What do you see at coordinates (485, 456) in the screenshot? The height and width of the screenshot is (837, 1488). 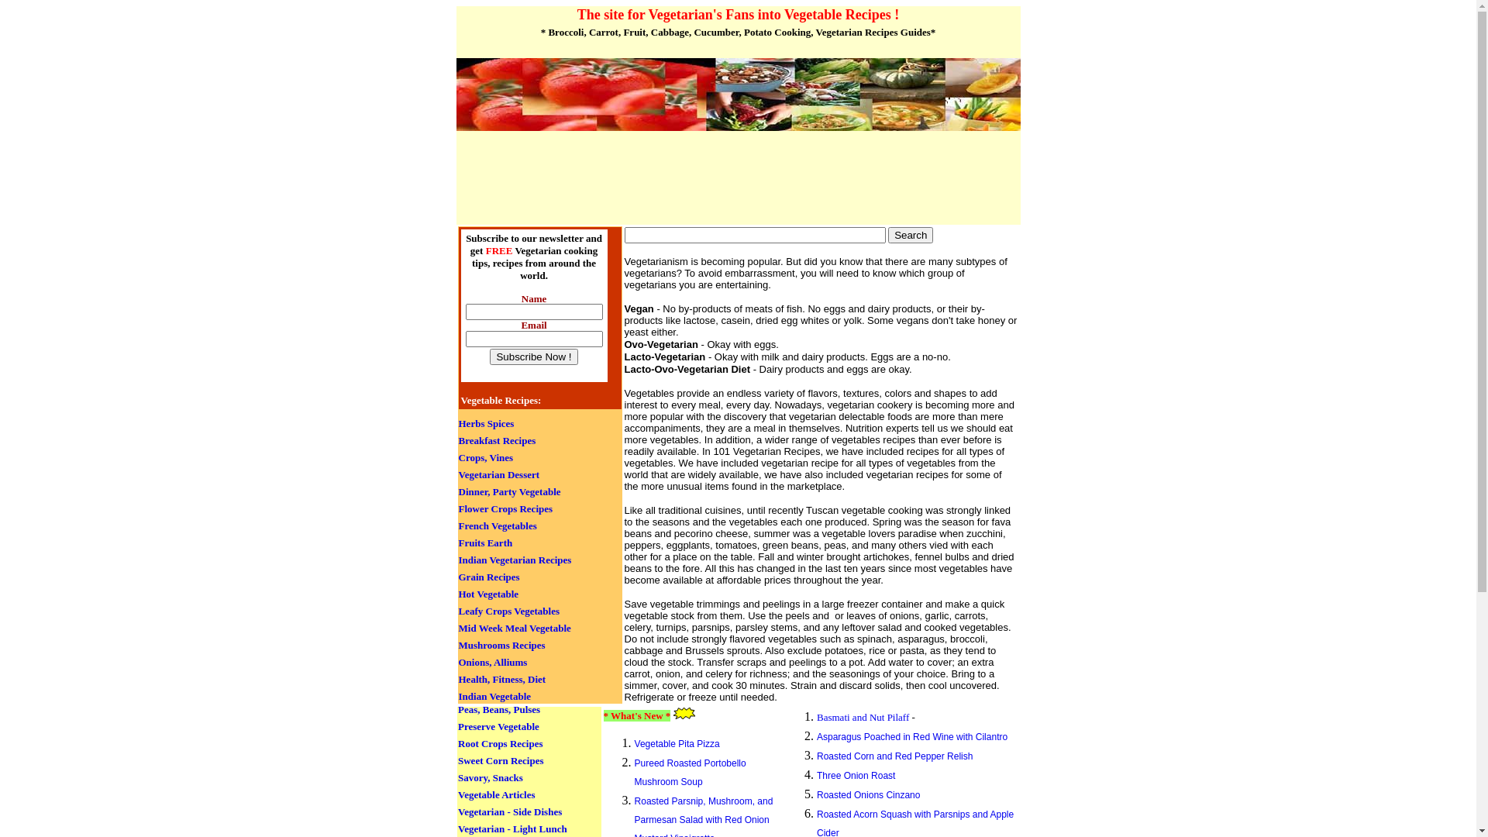 I see `'Crops, Vines'` at bounding box center [485, 456].